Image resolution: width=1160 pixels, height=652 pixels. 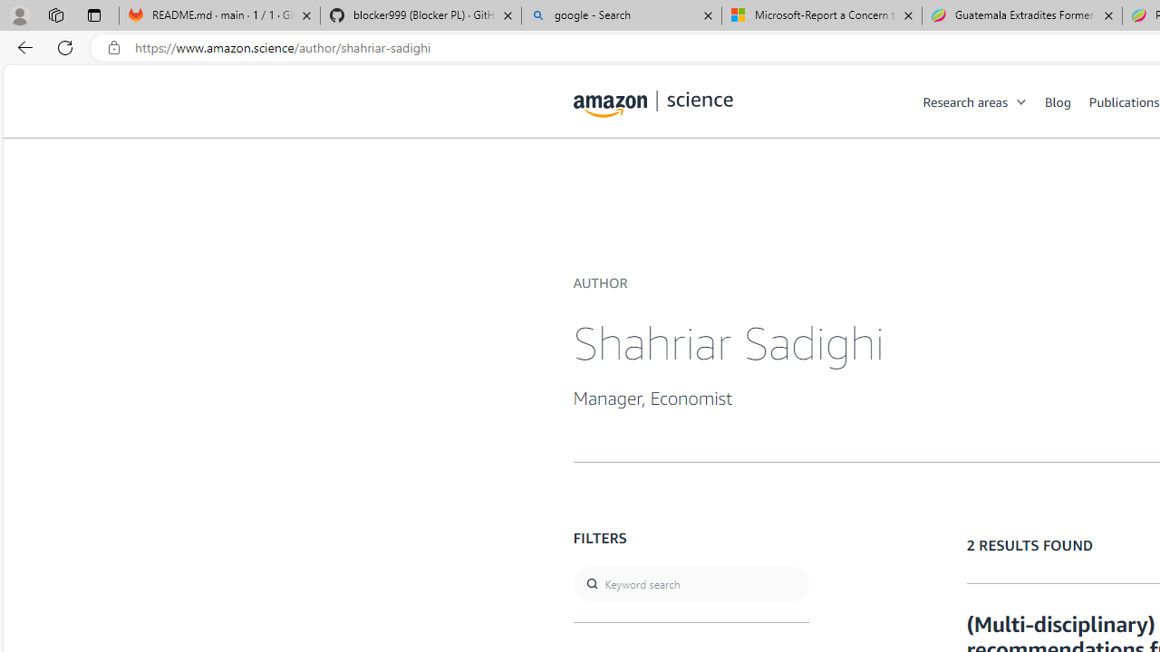 I want to click on 'Blog', so click(x=1067, y=101).